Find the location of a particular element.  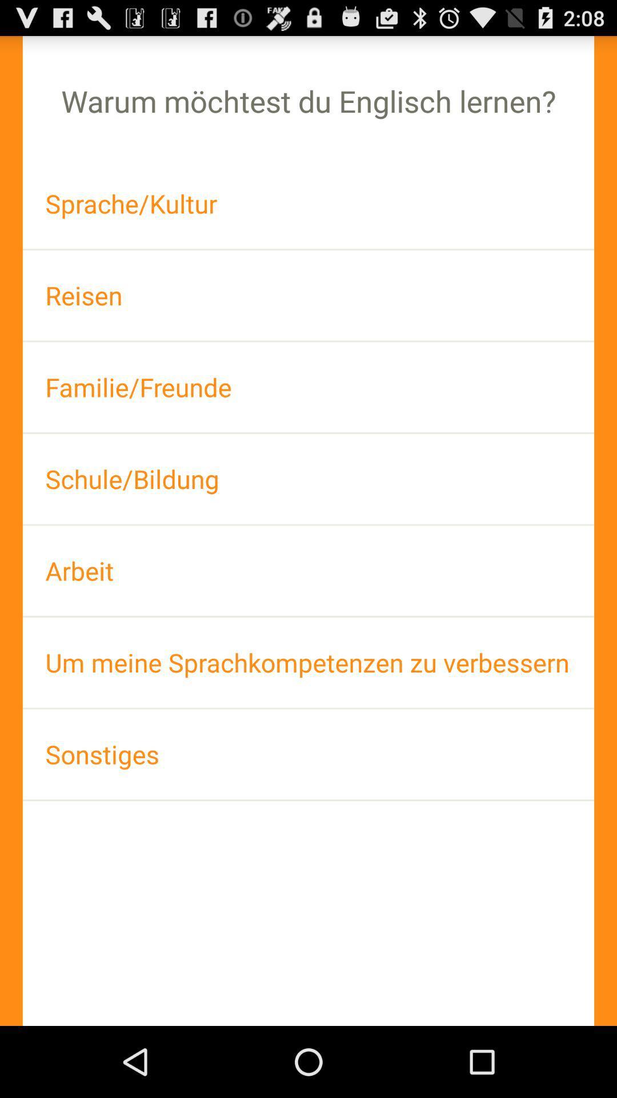

the app below the sprache/kultur item is located at coordinates (308, 295).